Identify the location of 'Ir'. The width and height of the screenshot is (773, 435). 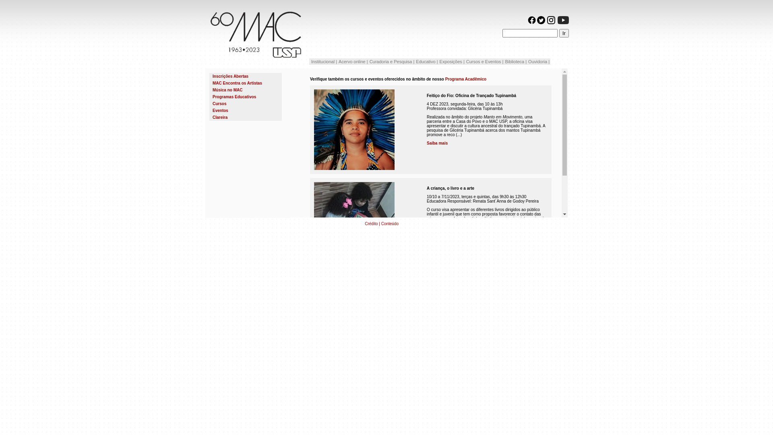
(564, 33).